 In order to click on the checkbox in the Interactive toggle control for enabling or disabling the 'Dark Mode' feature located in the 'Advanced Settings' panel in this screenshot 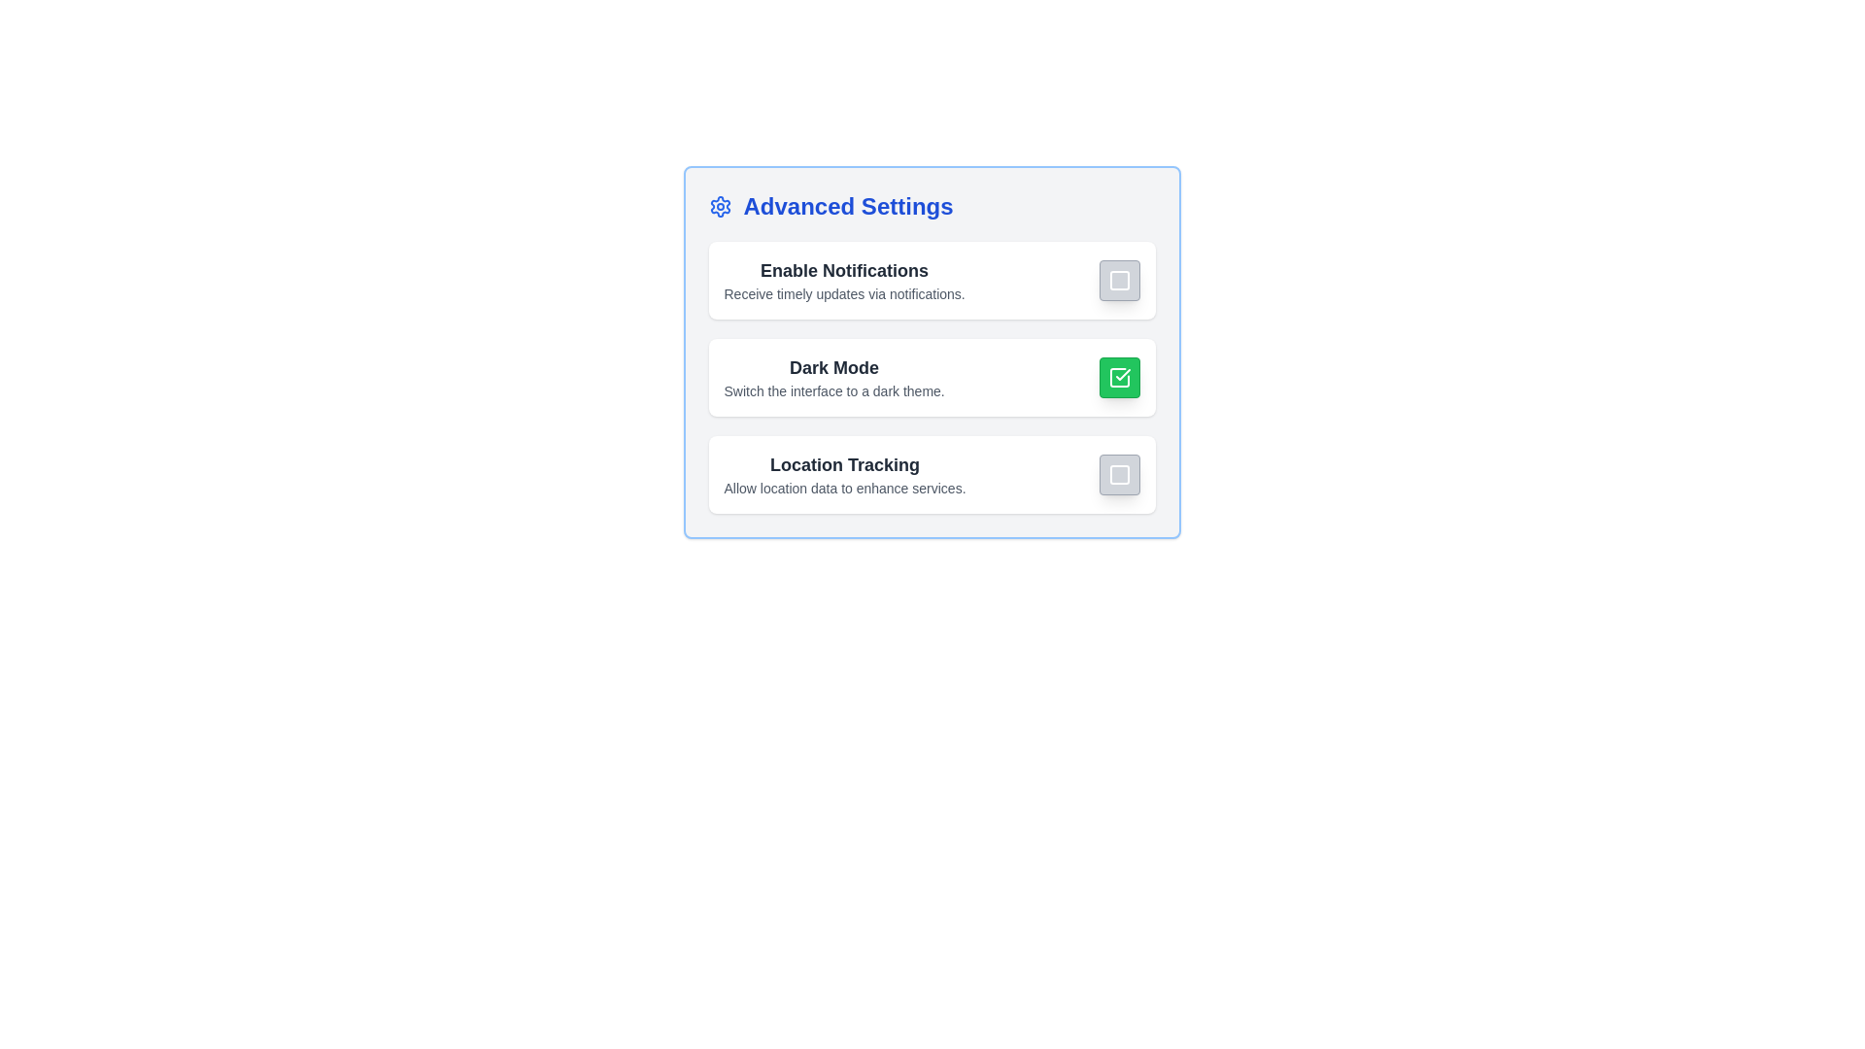, I will do `click(931, 352)`.